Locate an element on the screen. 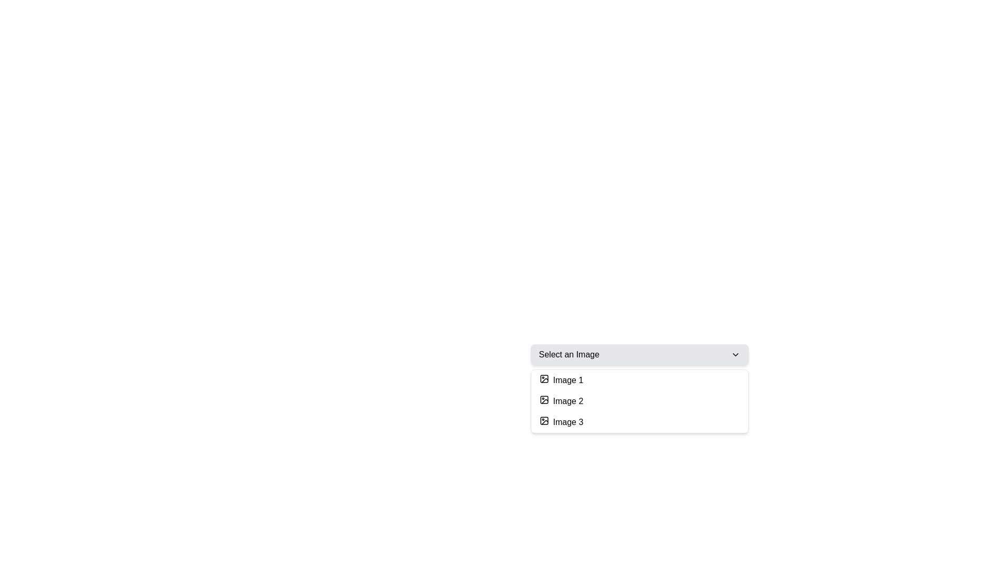 Image resolution: width=1006 pixels, height=566 pixels. the image icon located to the left of the 'Image 2' text entry in the dropdown menu is located at coordinates (544, 400).